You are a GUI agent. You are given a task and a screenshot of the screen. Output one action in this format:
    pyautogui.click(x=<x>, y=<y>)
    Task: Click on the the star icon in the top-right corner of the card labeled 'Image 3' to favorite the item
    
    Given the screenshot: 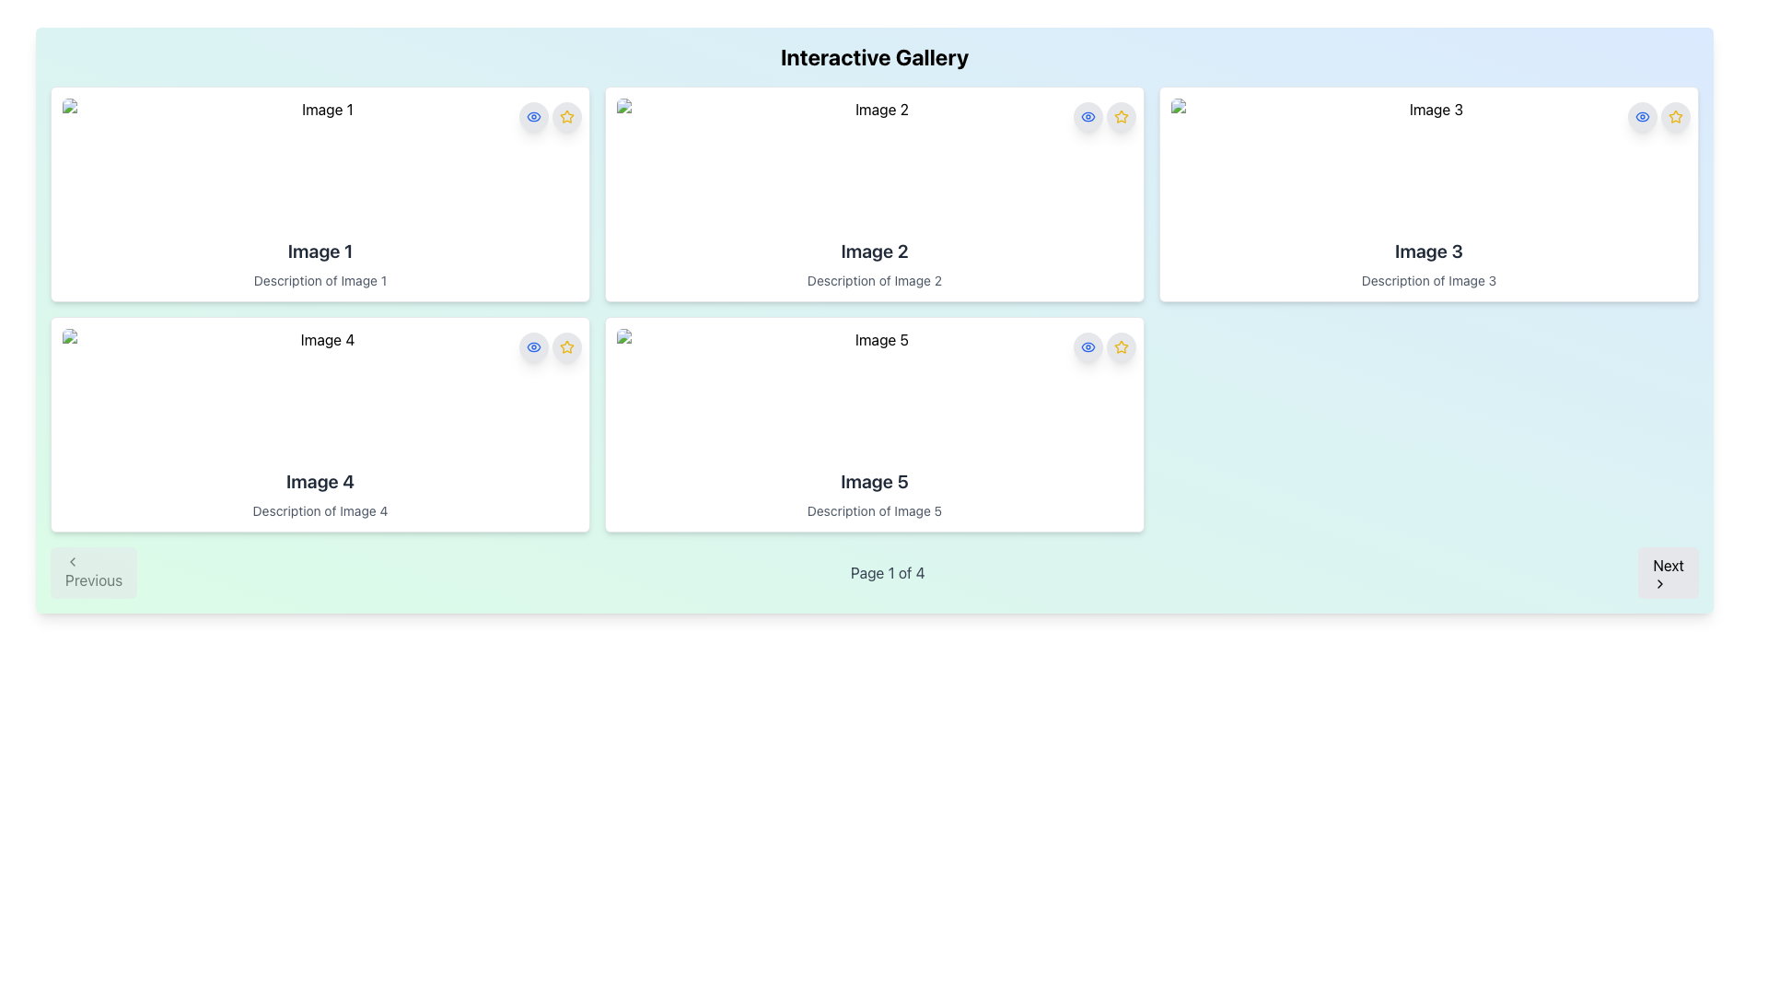 What is the action you would take?
    pyautogui.click(x=1658, y=117)
    